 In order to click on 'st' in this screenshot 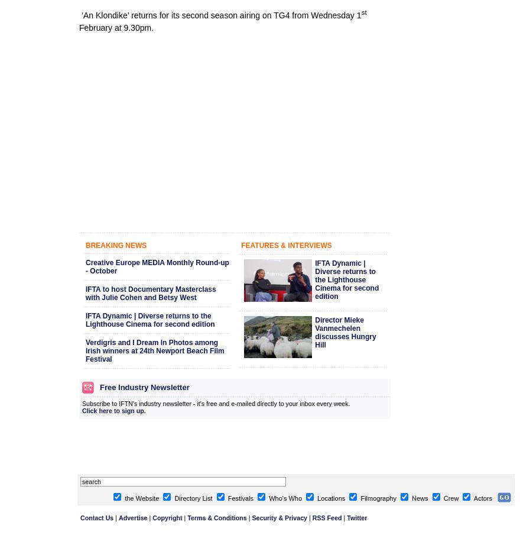, I will do `click(363, 11)`.